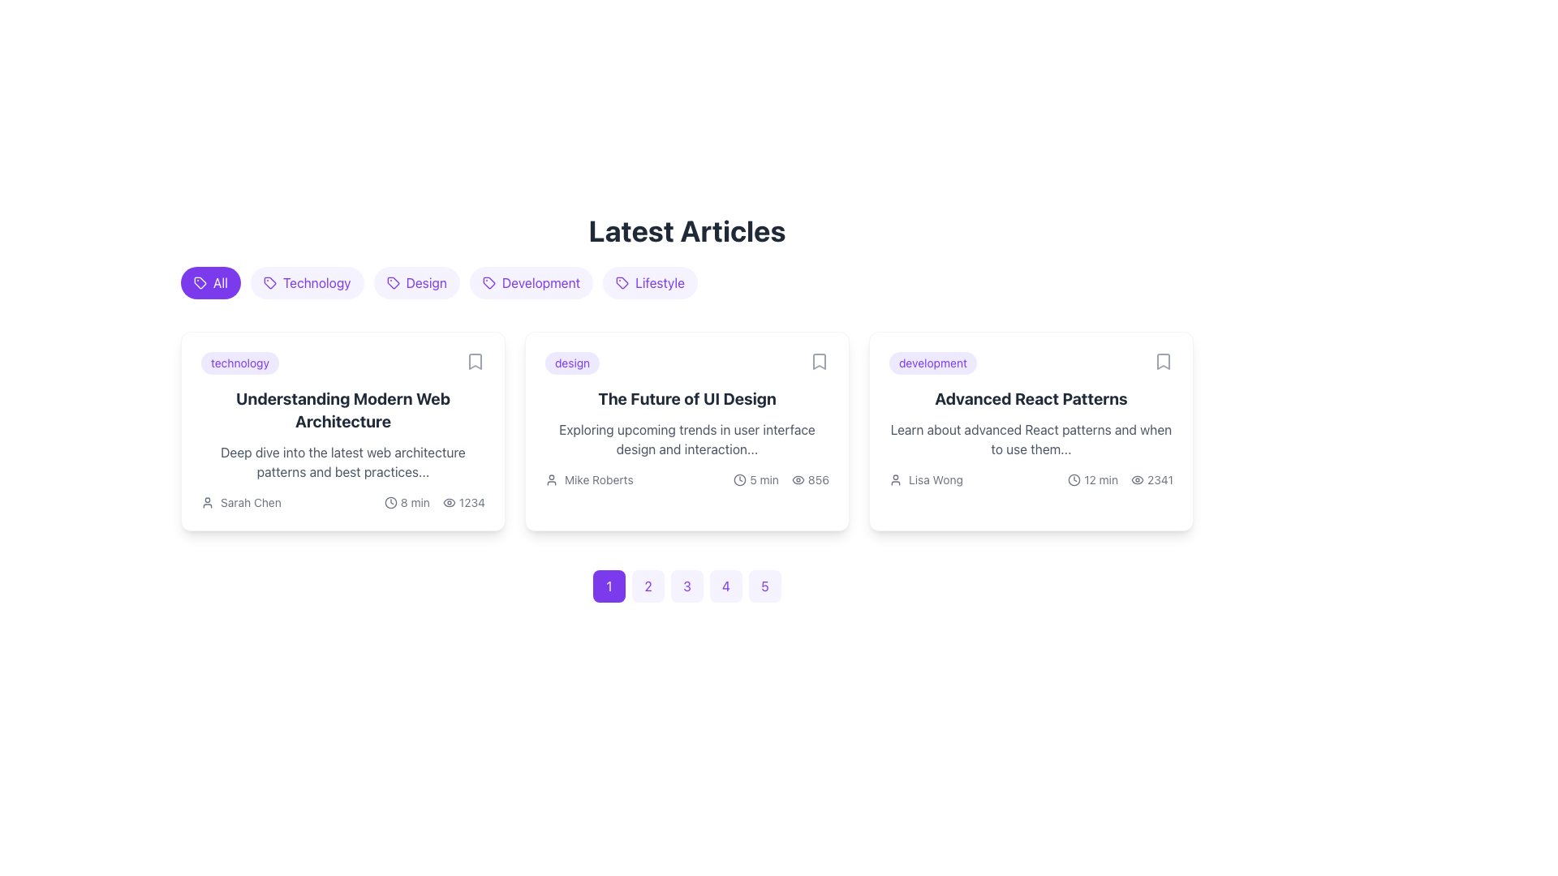  I want to click on text displayed in the Text label that shows the number of views for the article, positioned to the right of the eye icon in the 'Advanced React Patterns' article card, so click(1160, 479).